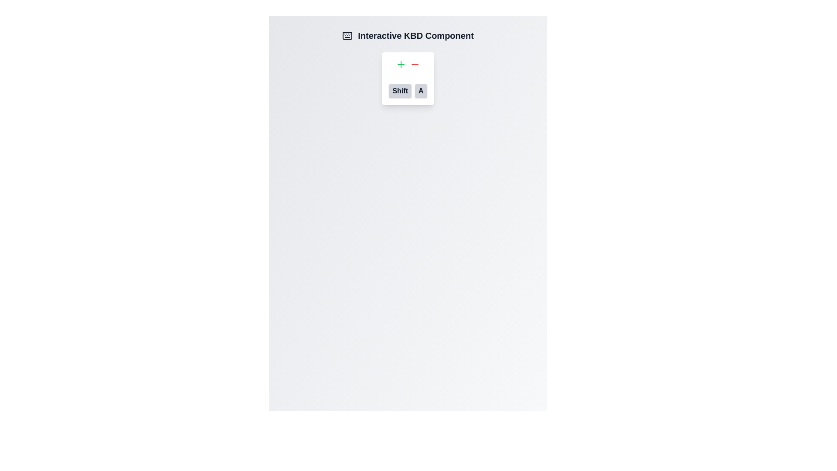  I want to click on the decrement IconButton, which is part of the 'Interactive KBD Component', to change its color to a darker red, so click(414, 64).